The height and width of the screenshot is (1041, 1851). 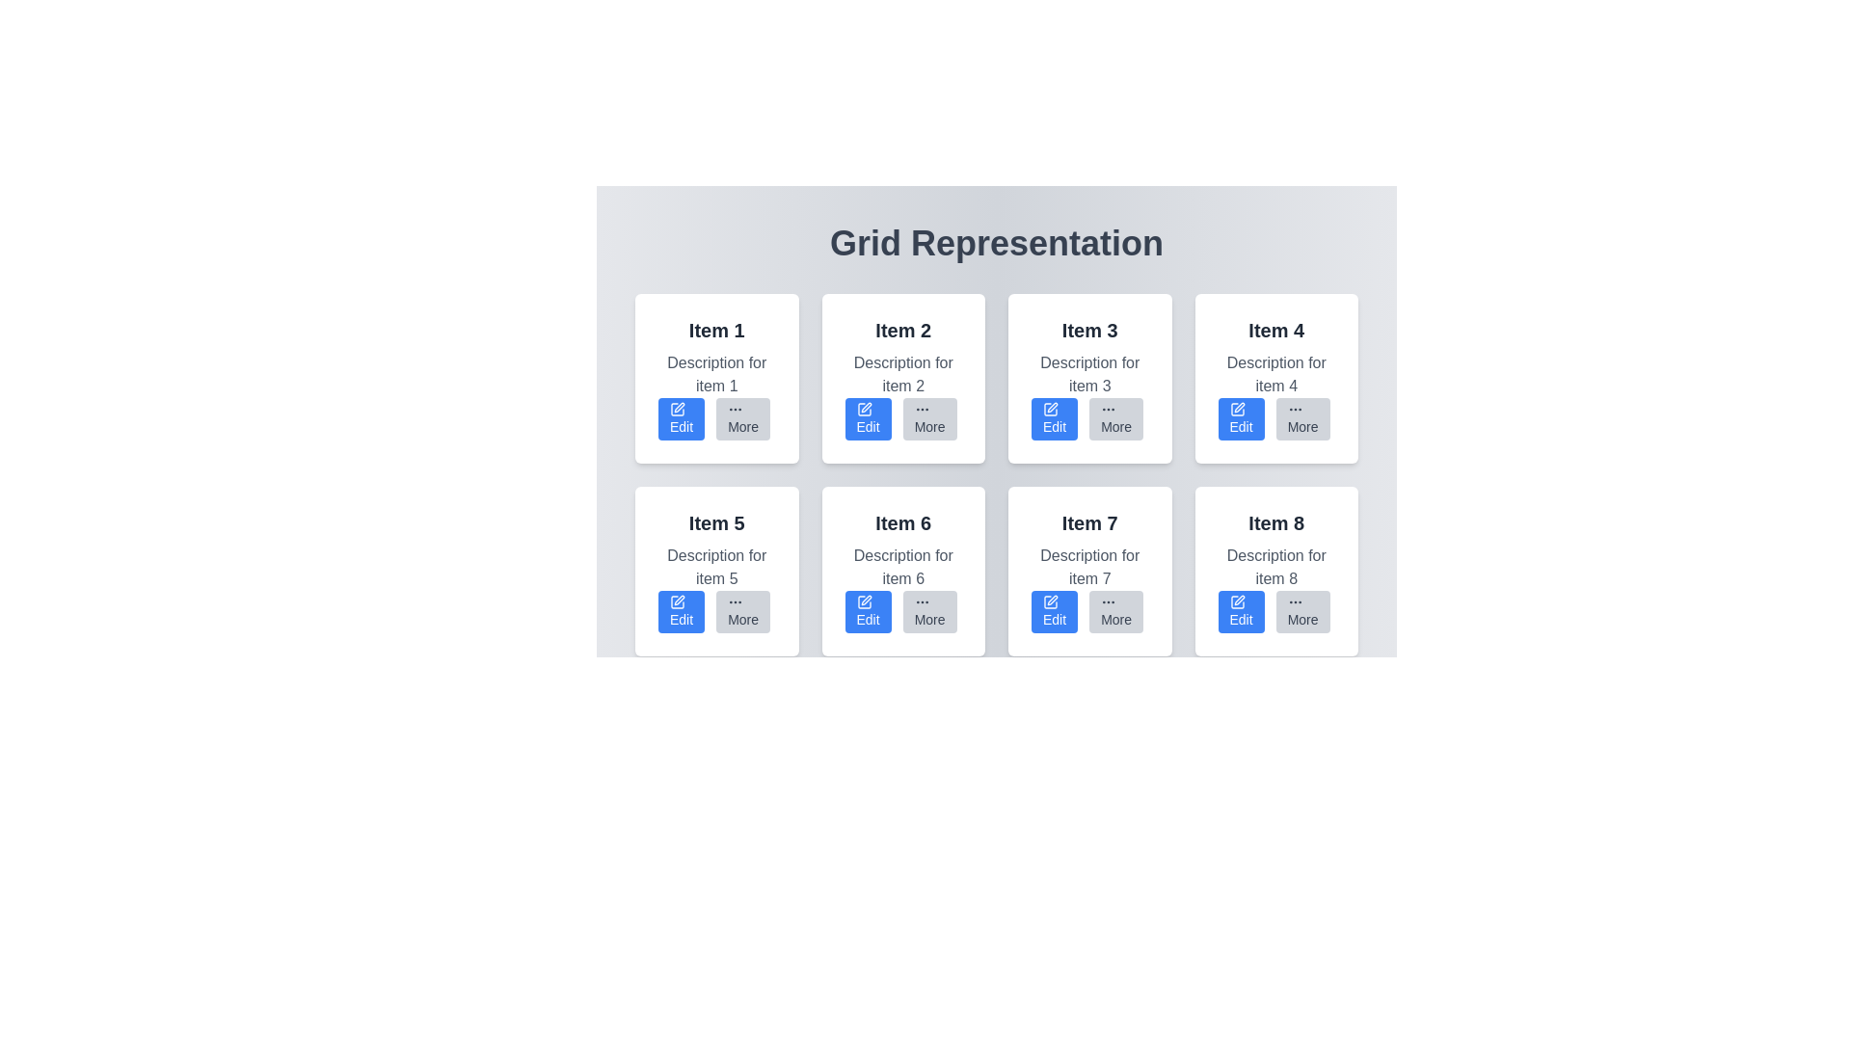 What do you see at coordinates (1089, 379) in the screenshot?
I see `the interactive card located in the first row and third column of the grid layout` at bounding box center [1089, 379].